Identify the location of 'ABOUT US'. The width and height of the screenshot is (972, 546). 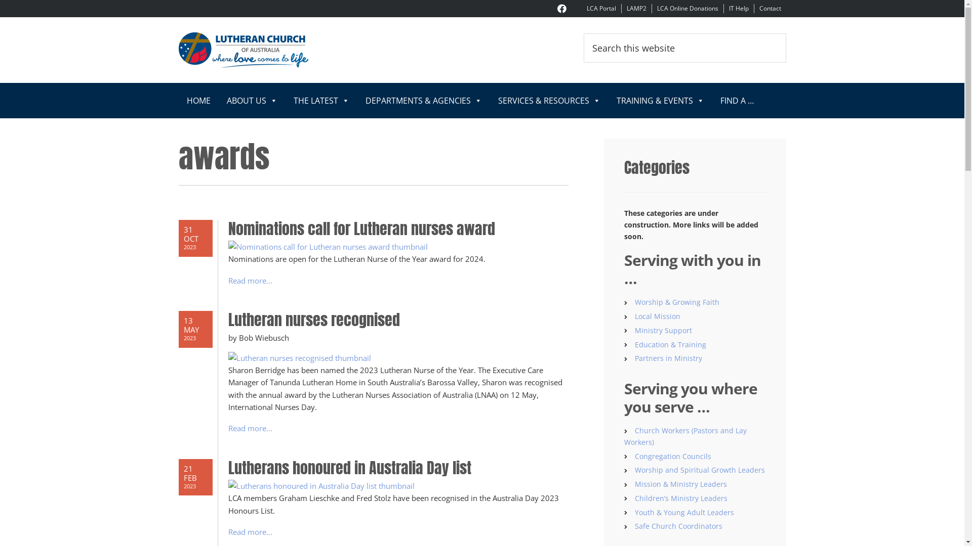
(252, 101).